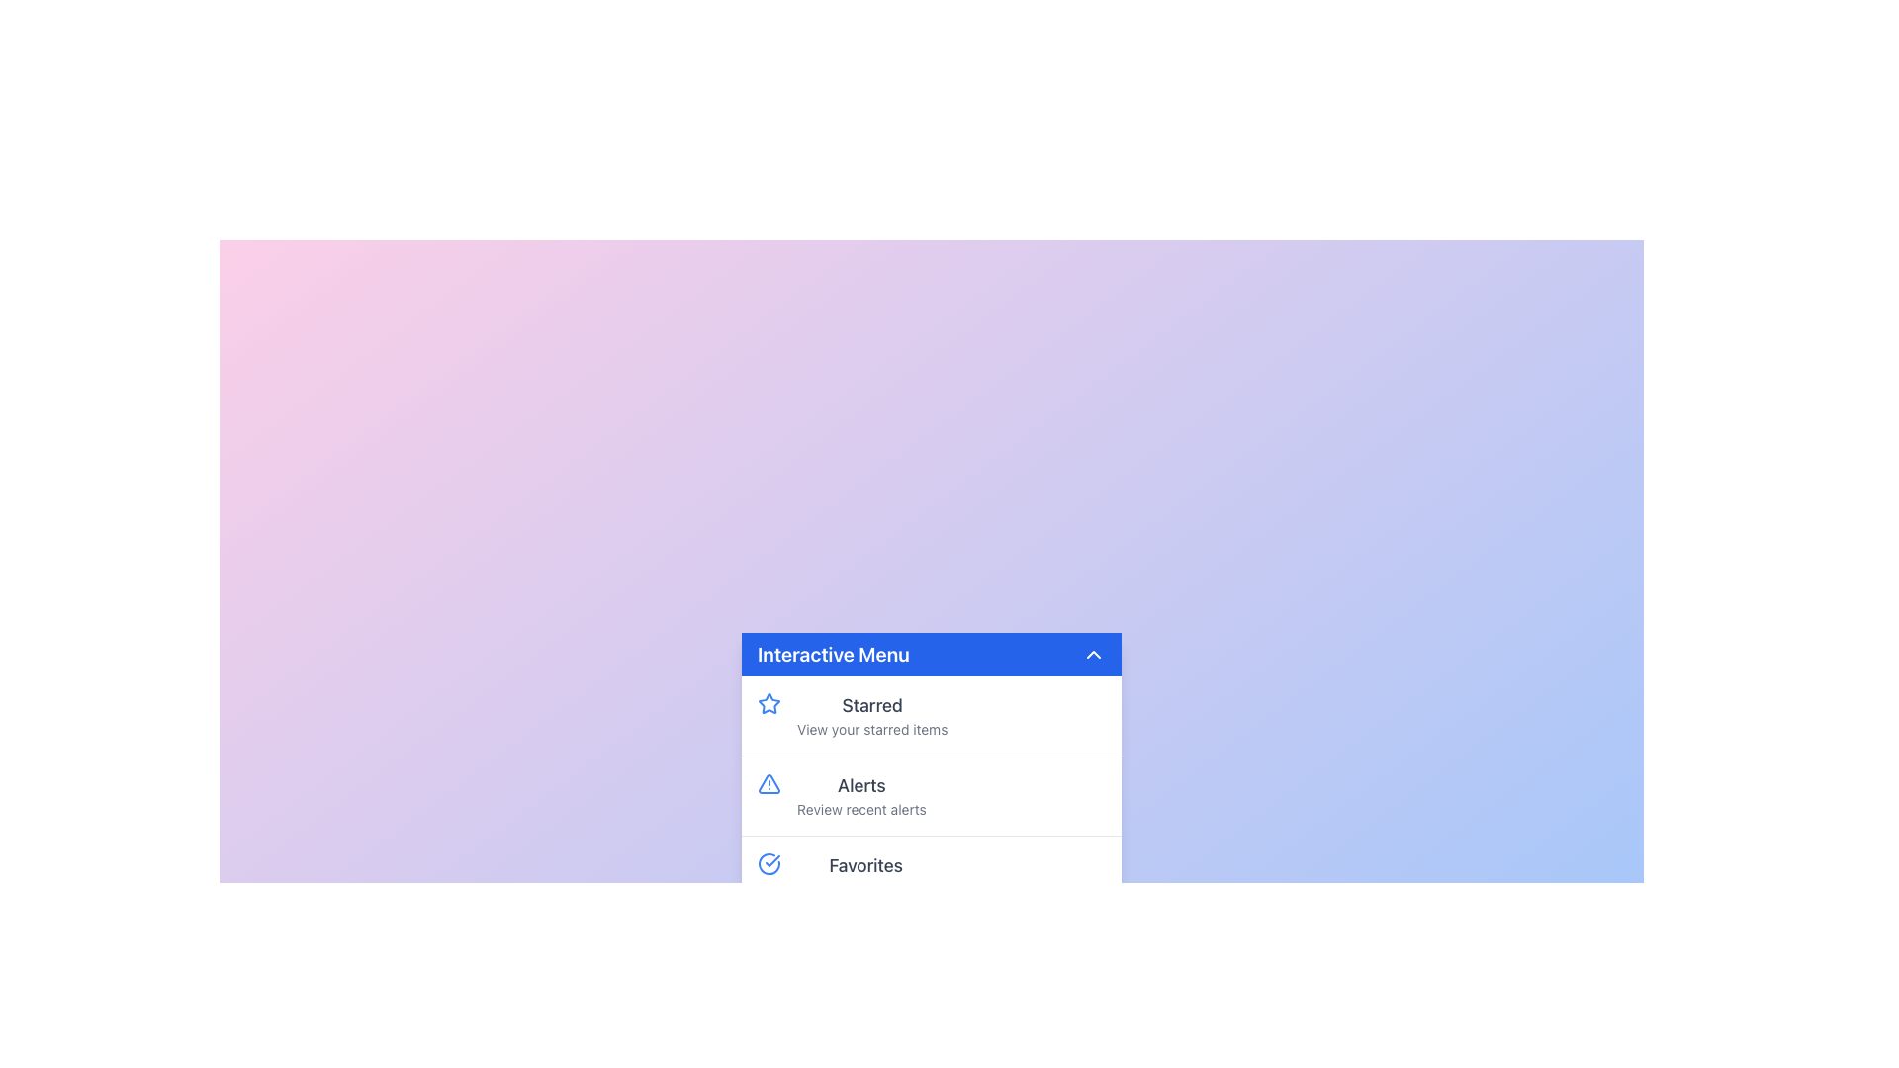 This screenshot has width=1899, height=1068. I want to click on the 'Alerts' menu item, which is characterized by a triangular alert symbol with a blue outline, a medium weight title 'Alerts', and a subtitle 'Review recent alerts'. It is positioned in the center of the menu, between 'Starred' and 'Favorites', so click(930, 794).